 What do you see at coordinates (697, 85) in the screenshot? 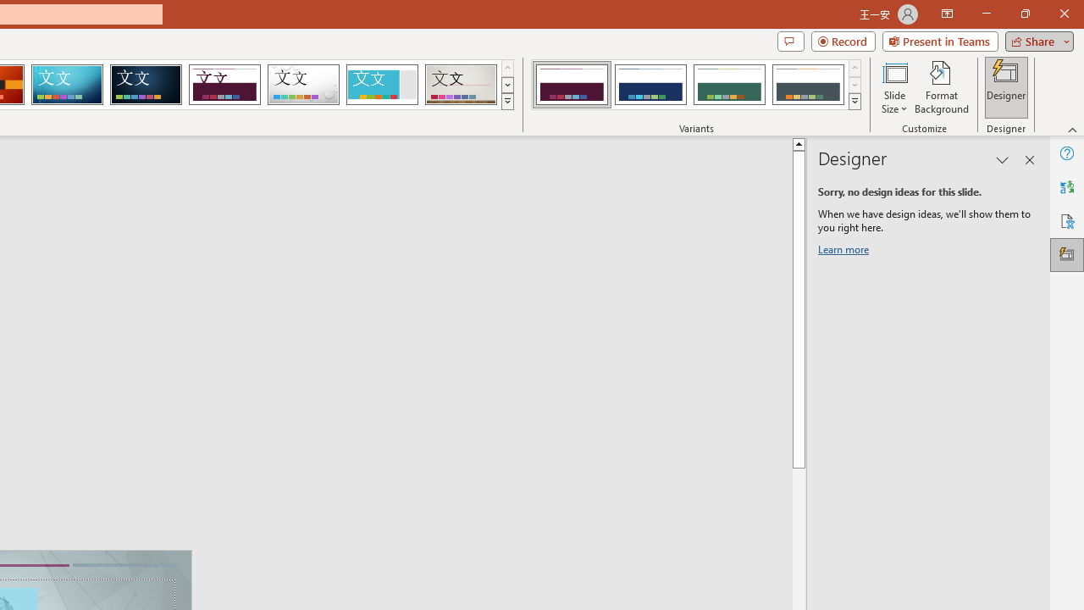
I see `'AutomationID: ThemeVariantsGallery'` at bounding box center [697, 85].